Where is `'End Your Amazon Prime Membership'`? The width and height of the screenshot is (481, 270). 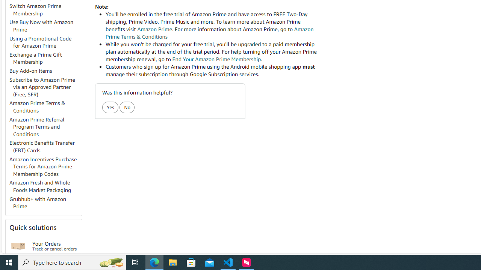 'End Your Amazon Prime Membership' is located at coordinates (216, 59).